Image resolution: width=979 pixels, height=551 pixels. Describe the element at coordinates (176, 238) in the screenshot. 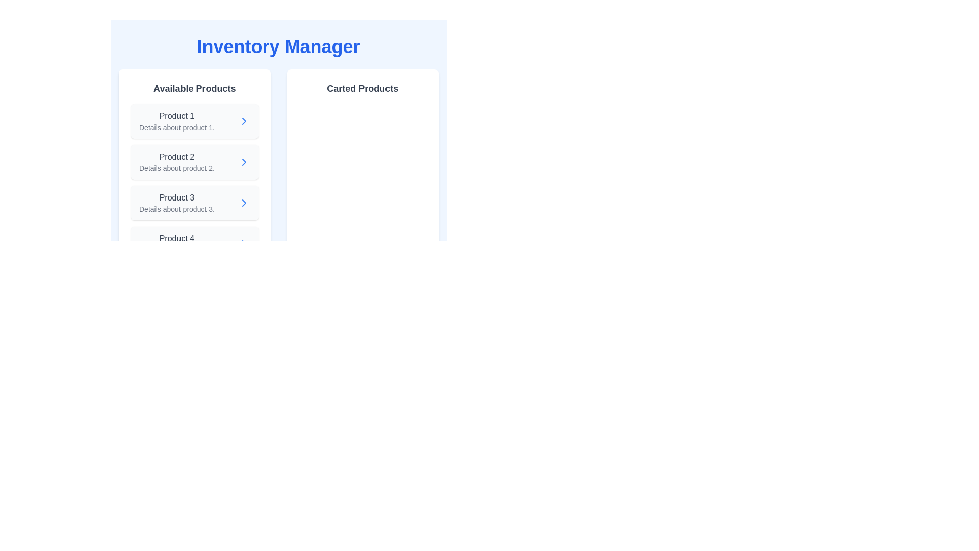

I see `the text label displaying 'Product 4' in bold font within the 'Available Products' section` at that location.